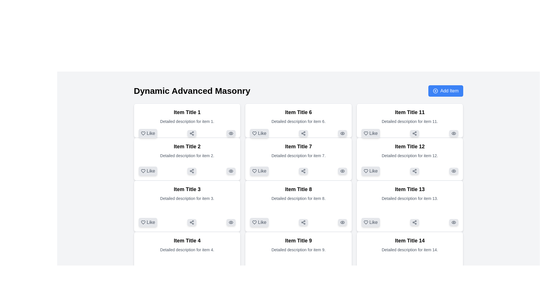 Image resolution: width=549 pixels, height=308 pixels. I want to click on the small graphical icon resembling a share symbol, which is located below the title 'Item Title 6' in the grid layout, so click(303, 133).